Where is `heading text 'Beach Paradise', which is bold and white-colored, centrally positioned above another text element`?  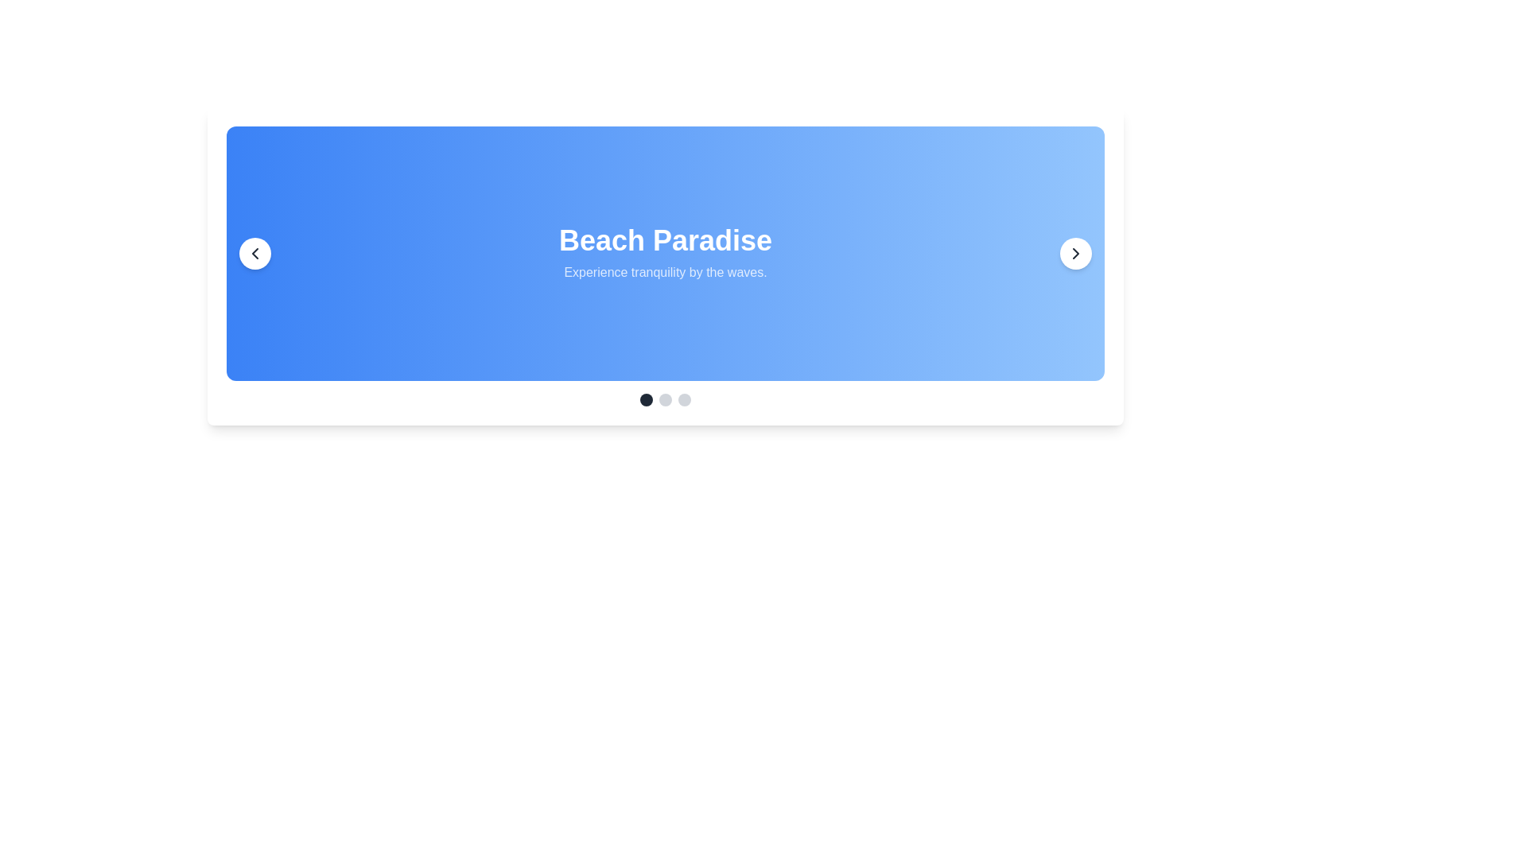
heading text 'Beach Paradise', which is bold and white-colored, centrally positioned above another text element is located at coordinates (665, 241).